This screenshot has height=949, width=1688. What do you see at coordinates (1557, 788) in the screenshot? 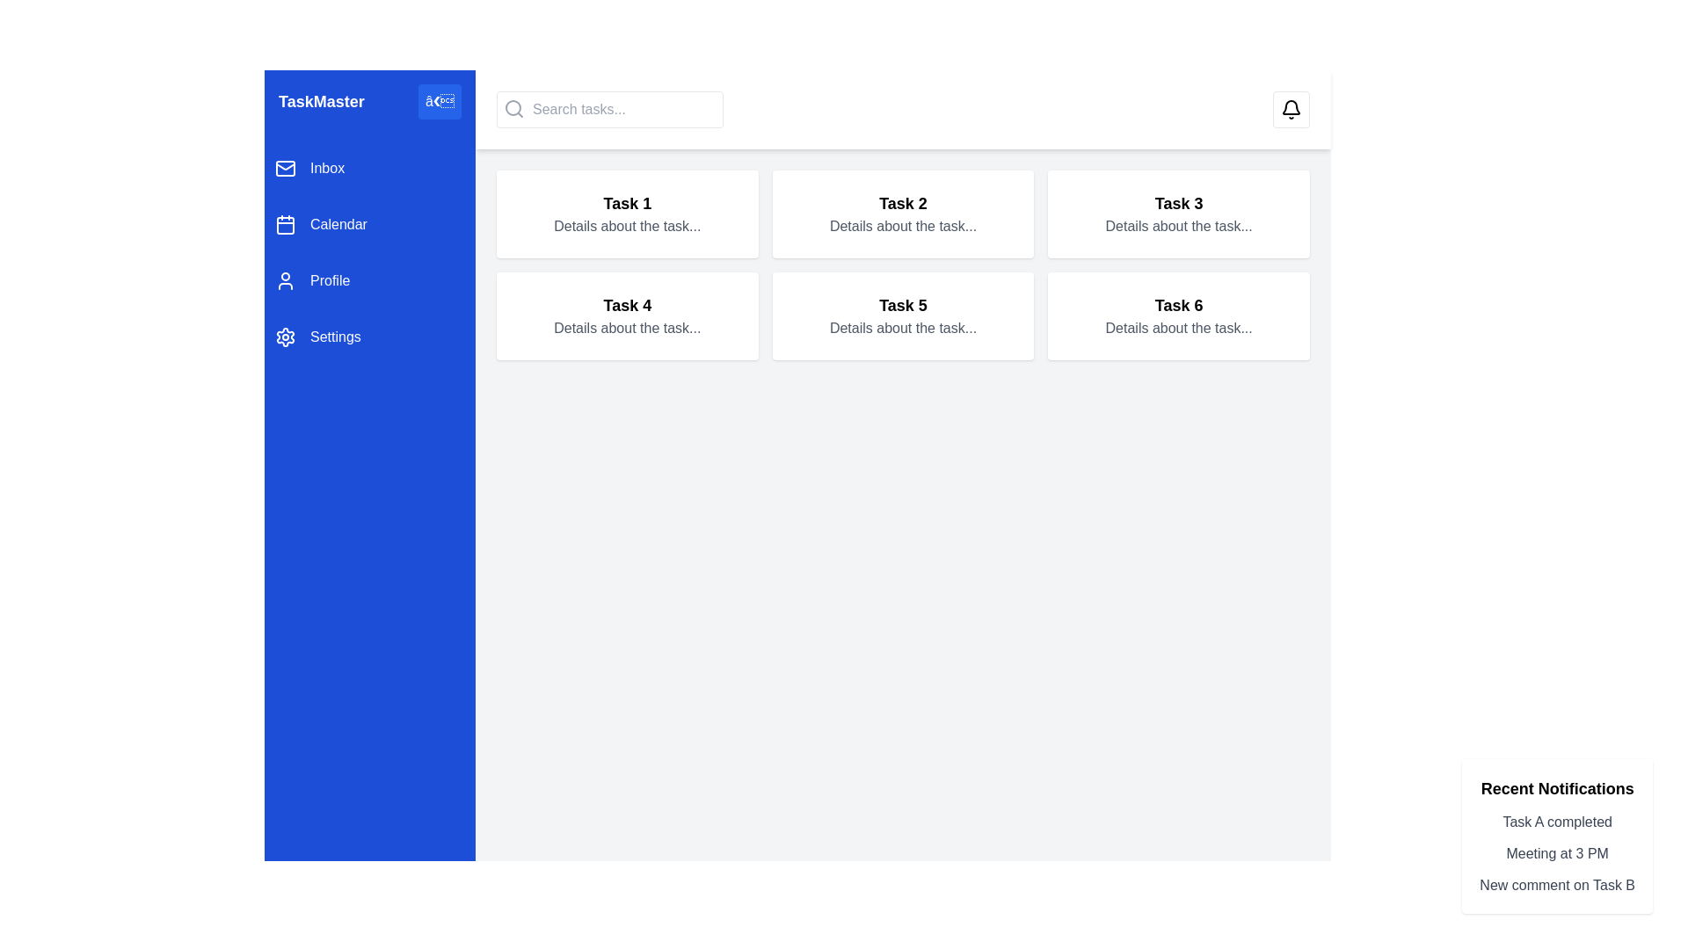
I see `the text label that reads 'Recent Notifications', which is styled with a bold font and larger size, located at the bottom right corner of the interface, above the list of notifications` at bounding box center [1557, 788].